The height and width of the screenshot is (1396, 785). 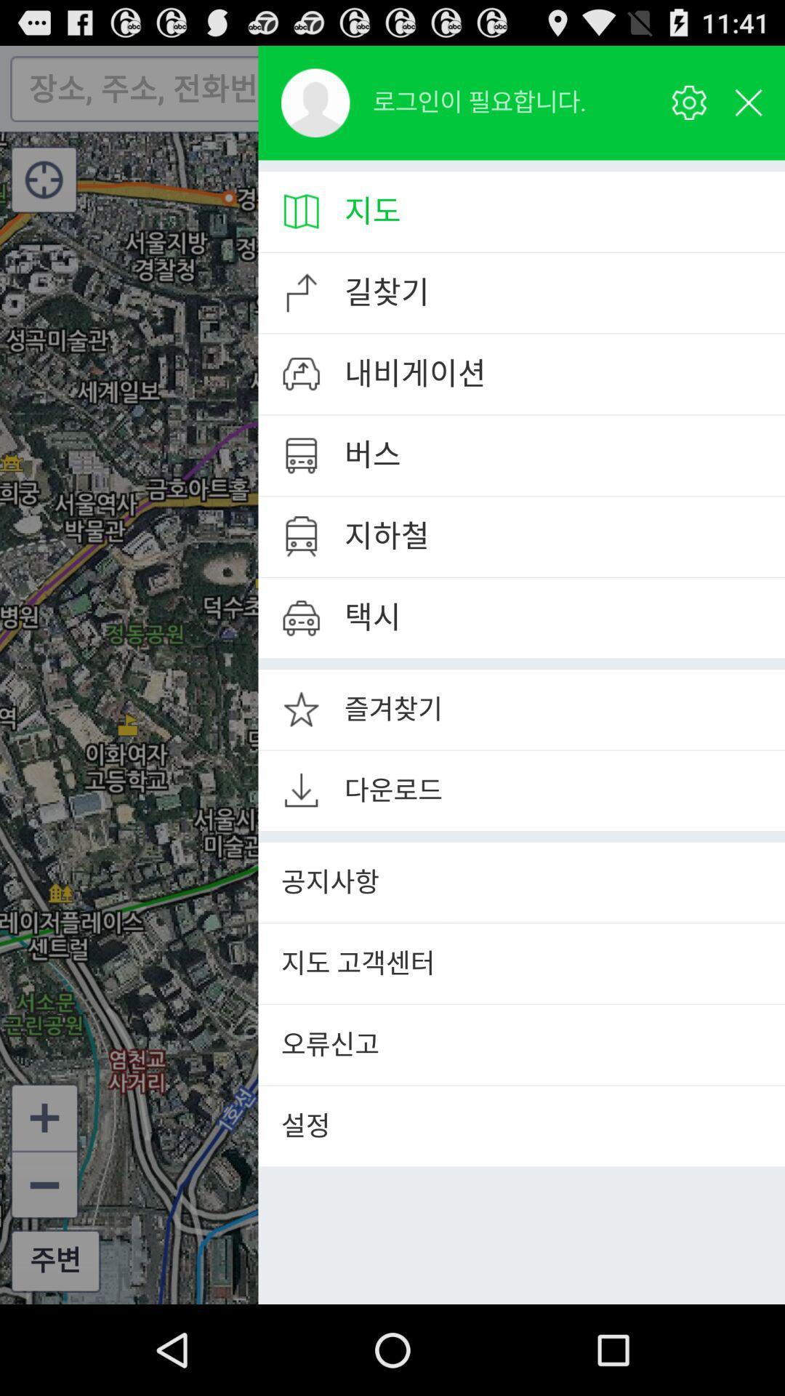 I want to click on the location_crosshair icon, so click(x=43, y=191).